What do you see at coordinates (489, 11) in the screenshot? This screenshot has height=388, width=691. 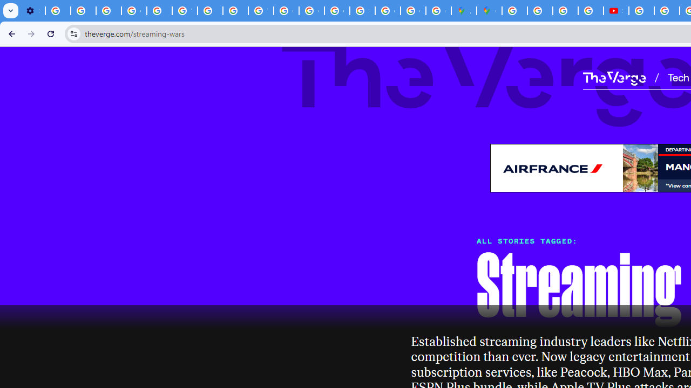 I see `'Google Maps'` at bounding box center [489, 11].